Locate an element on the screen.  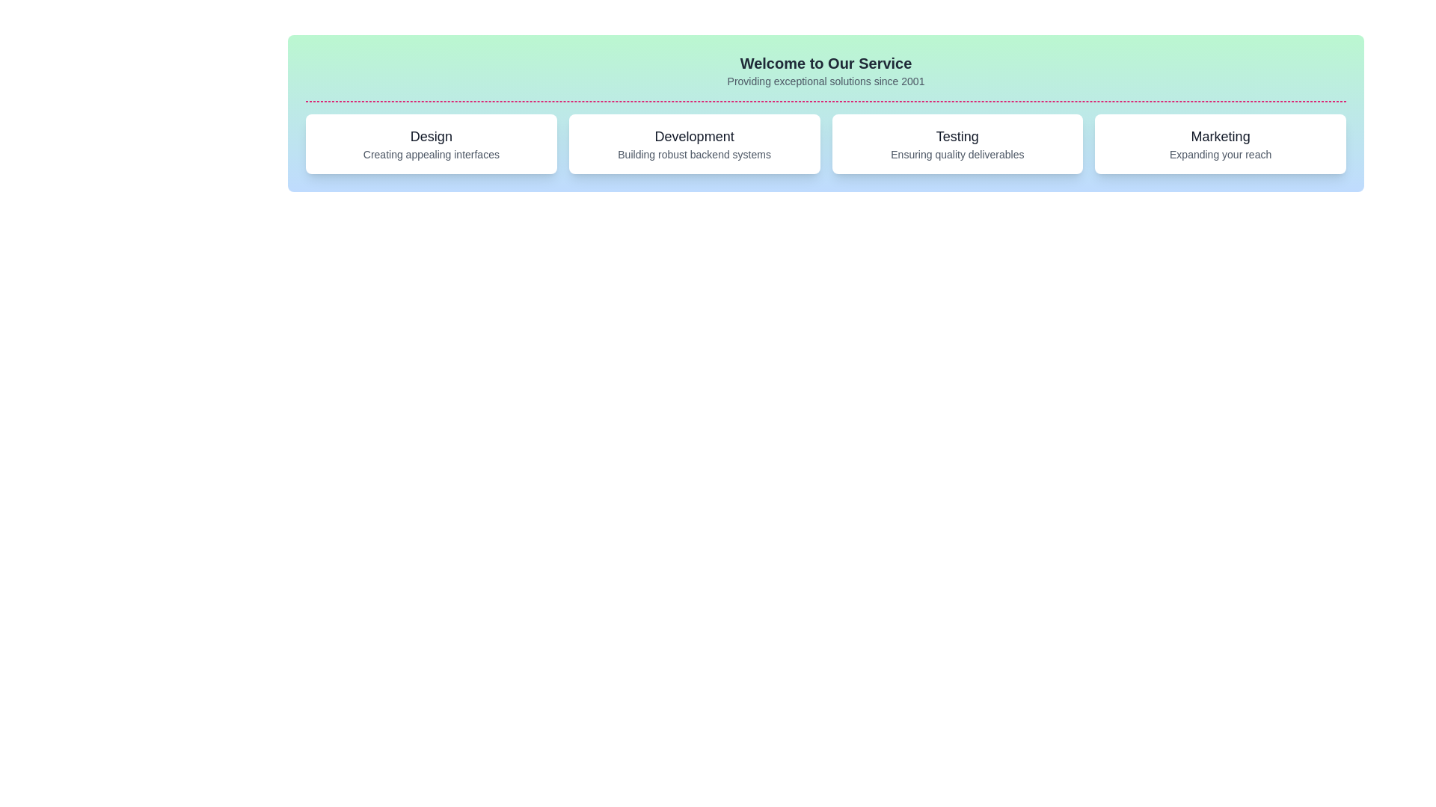
the text label that provides additional information below the heading 'Welcome to Our Service' is located at coordinates (825, 81).